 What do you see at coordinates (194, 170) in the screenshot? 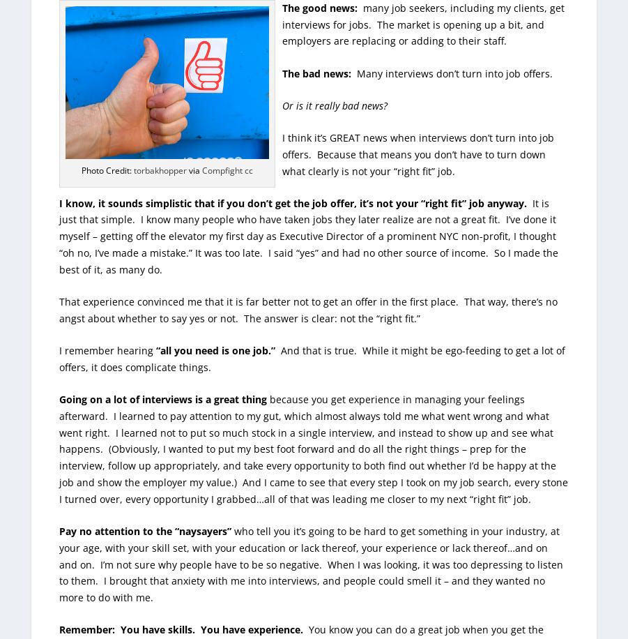
I see `'via'` at bounding box center [194, 170].